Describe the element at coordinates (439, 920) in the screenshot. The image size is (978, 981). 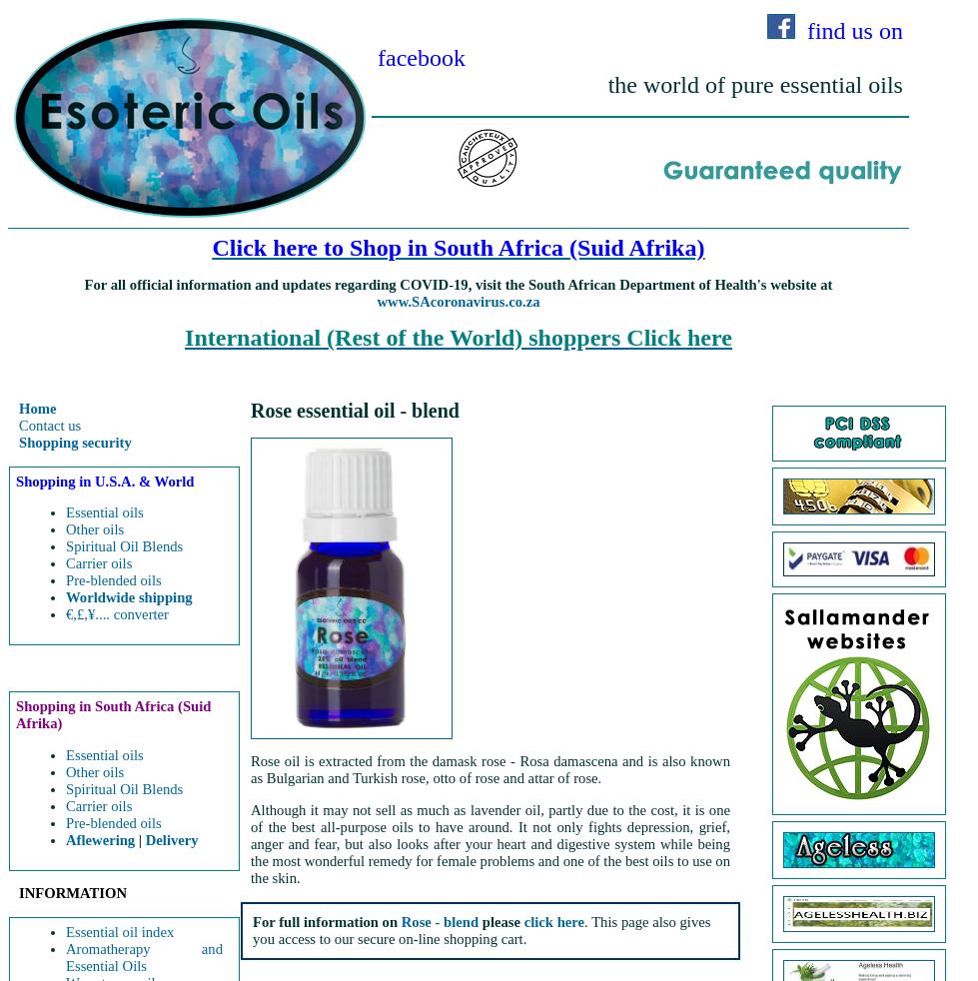
I see `'Rose - blend'` at that location.